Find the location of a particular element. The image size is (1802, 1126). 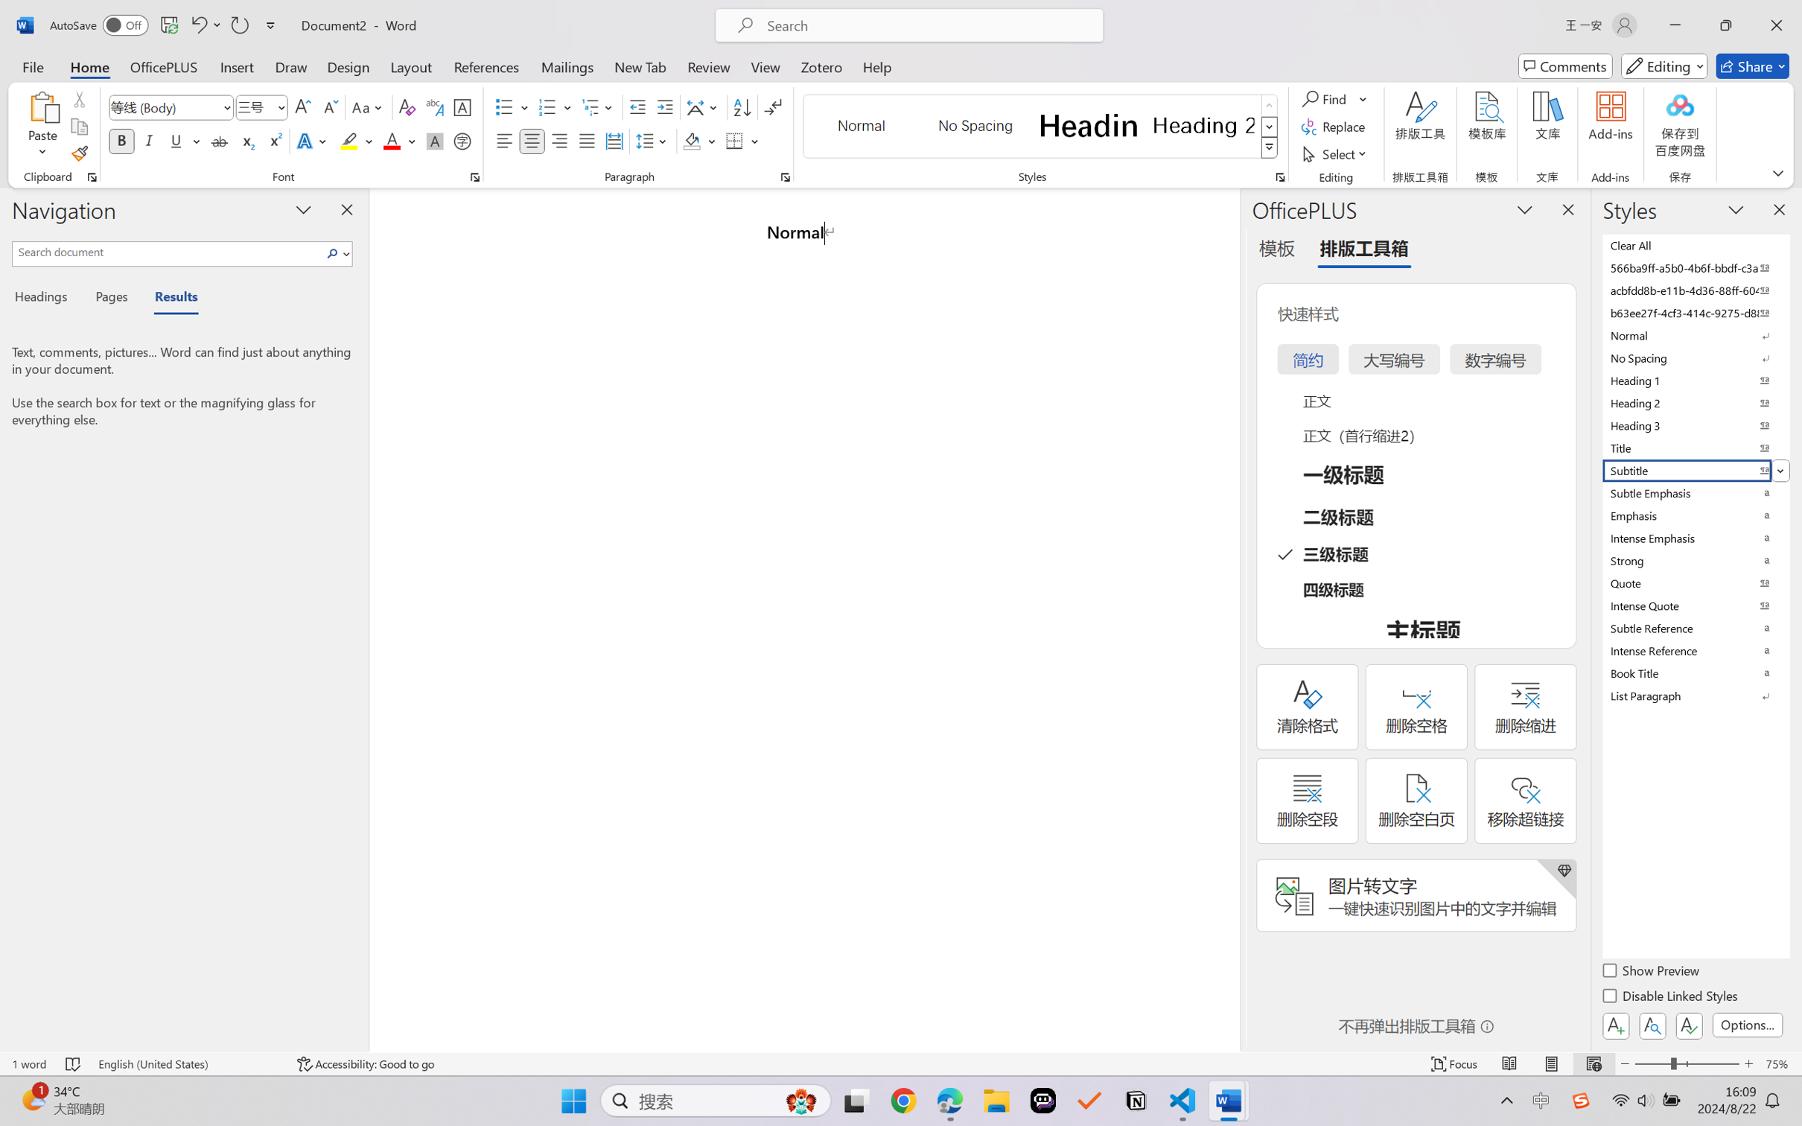

'AutomationID: BadgeAnchorLargeTicker' is located at coordinates (32, 1099).